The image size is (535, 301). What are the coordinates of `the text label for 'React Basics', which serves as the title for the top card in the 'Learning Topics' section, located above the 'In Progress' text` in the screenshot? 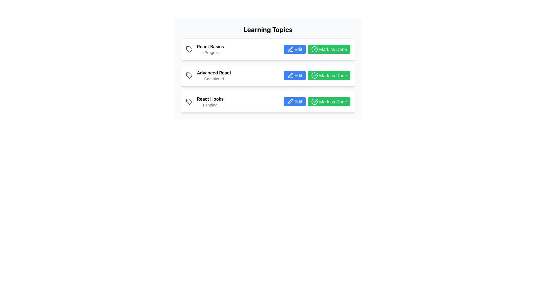 It's located at (210, 46).